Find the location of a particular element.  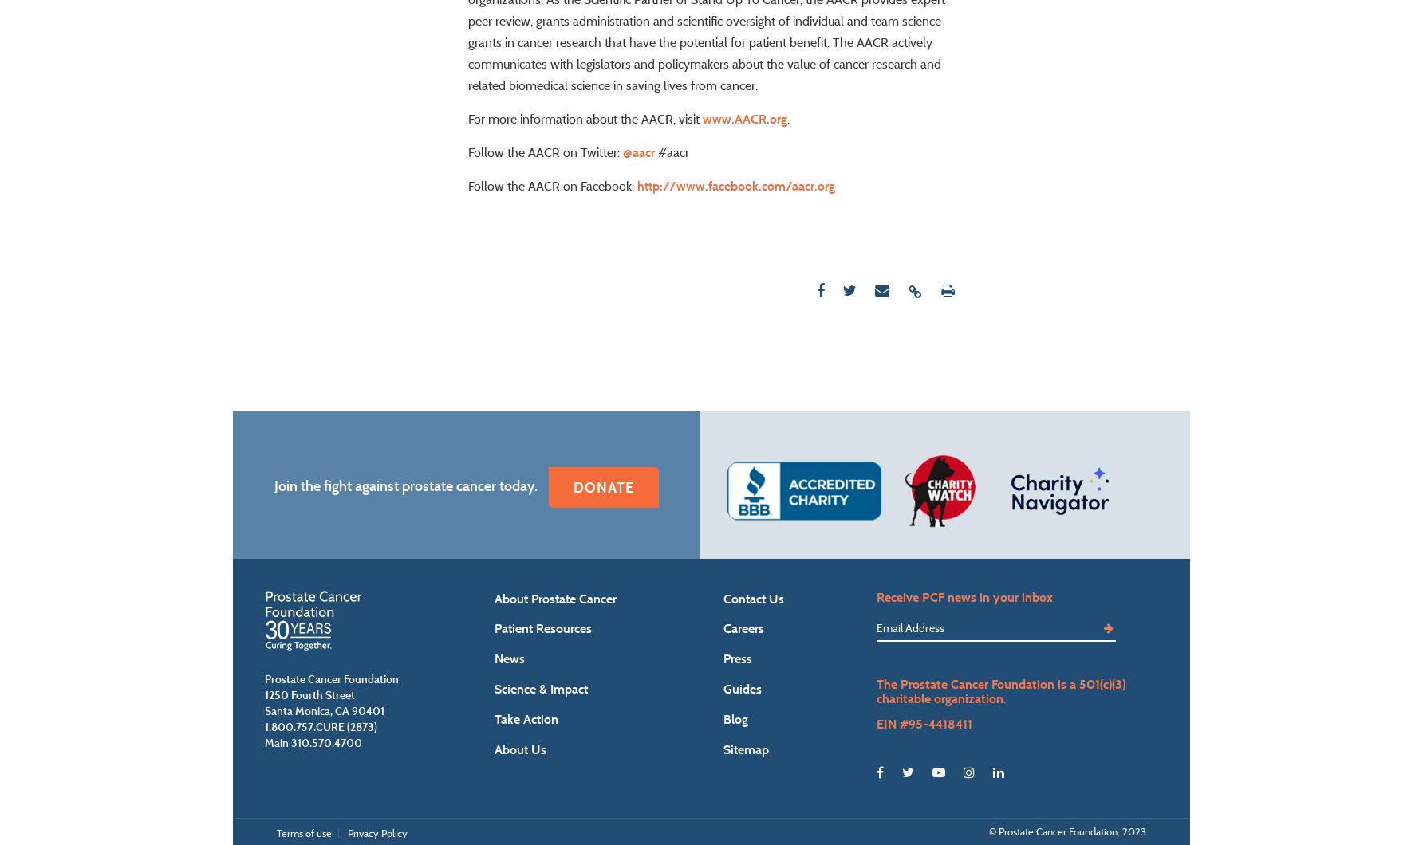

'Santa Monica, CA 90401' is located at coordinates (323, 755).